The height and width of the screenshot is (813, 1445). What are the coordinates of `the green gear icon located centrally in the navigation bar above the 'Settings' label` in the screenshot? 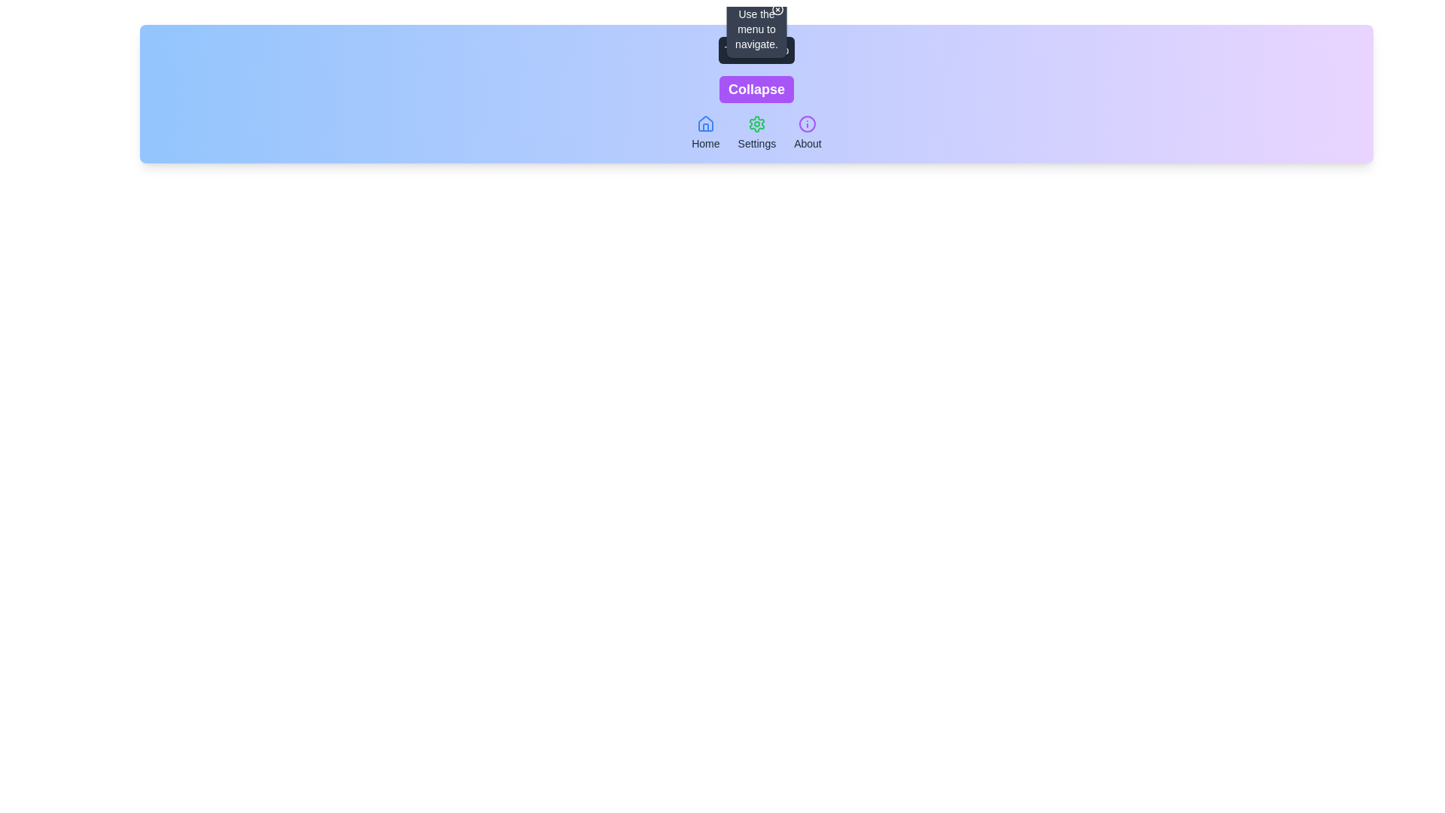 It's located at (756, 123).